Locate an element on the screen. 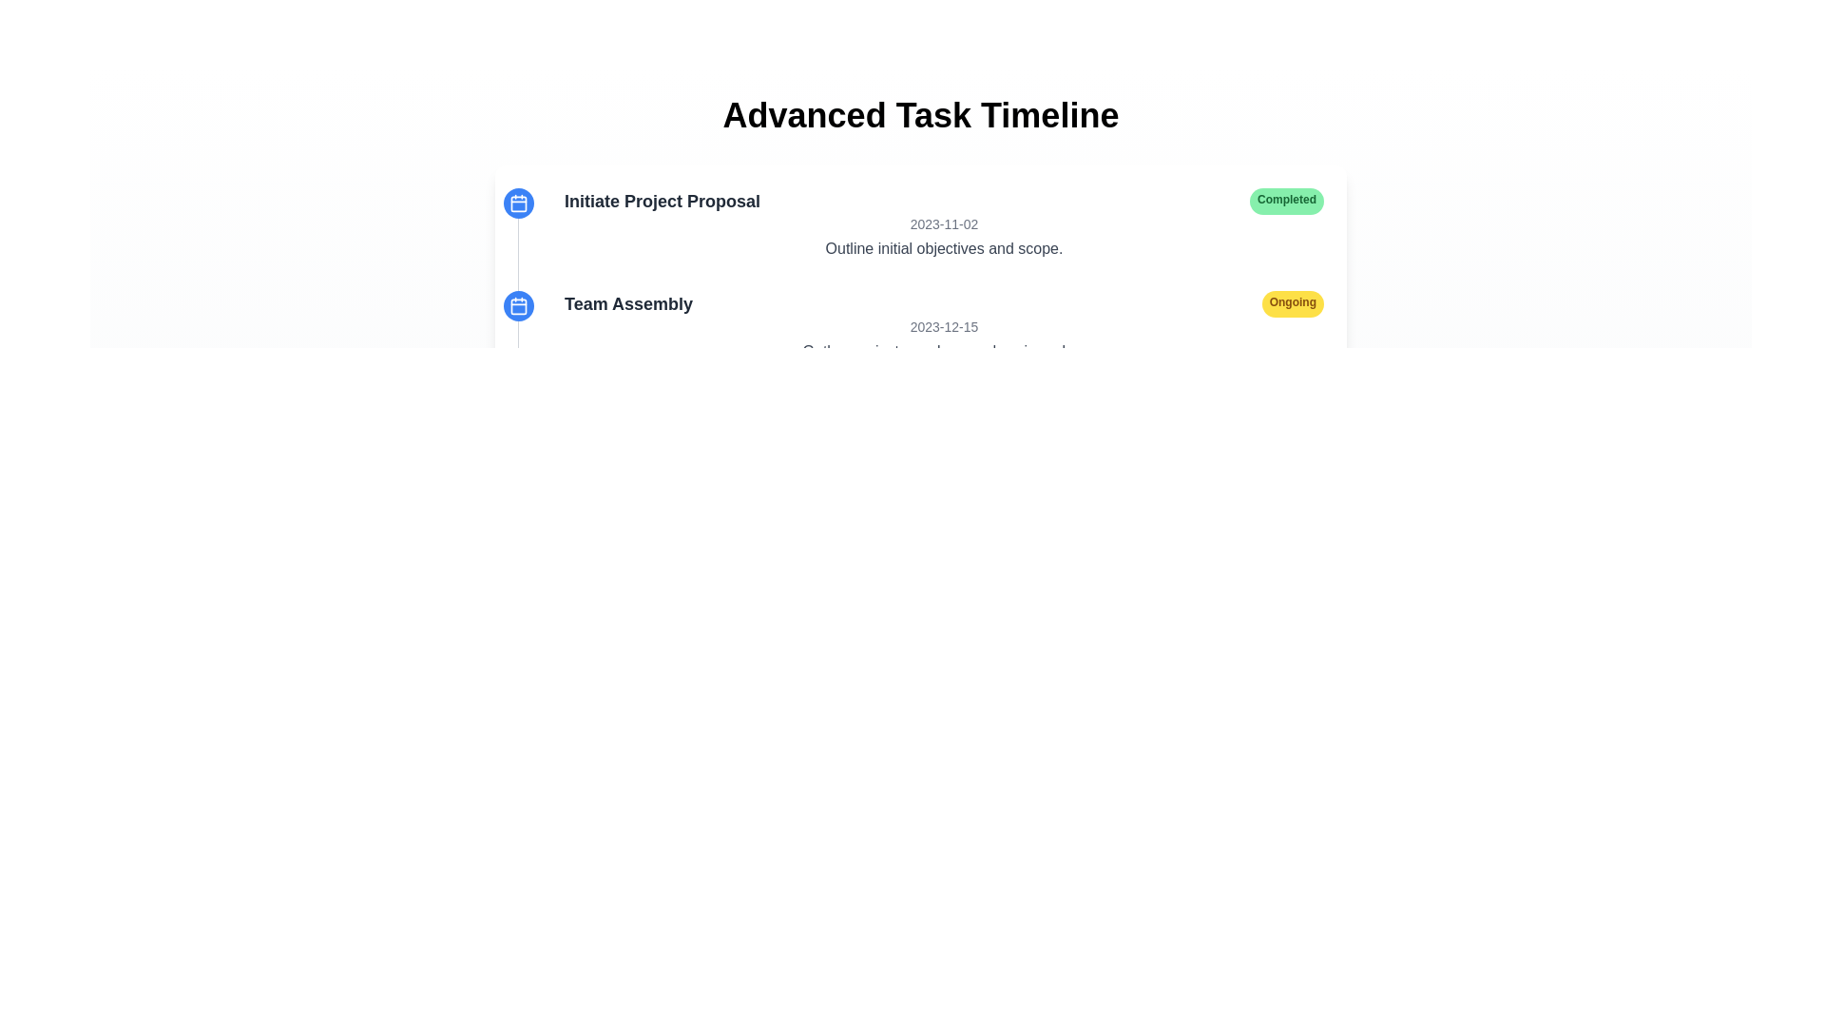  the Status badge located to the far right of the 'Initiate Project Proposal' row in the timeline interface, which indicates the completion status of an associated task or event is located at coordinates (1286, 202).